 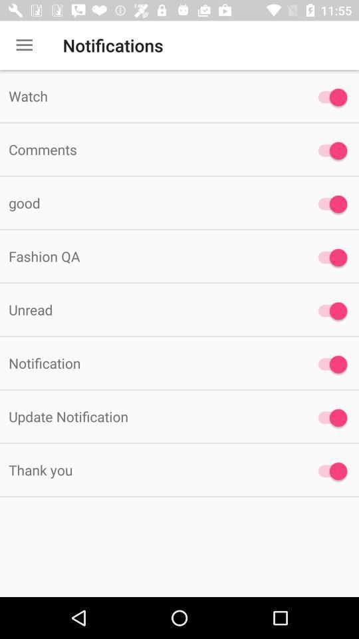 What do you see at coordinates (328, 364) in the screenshot?
I see `the last third button at the right side of the page` at bounding box center [328, 364].